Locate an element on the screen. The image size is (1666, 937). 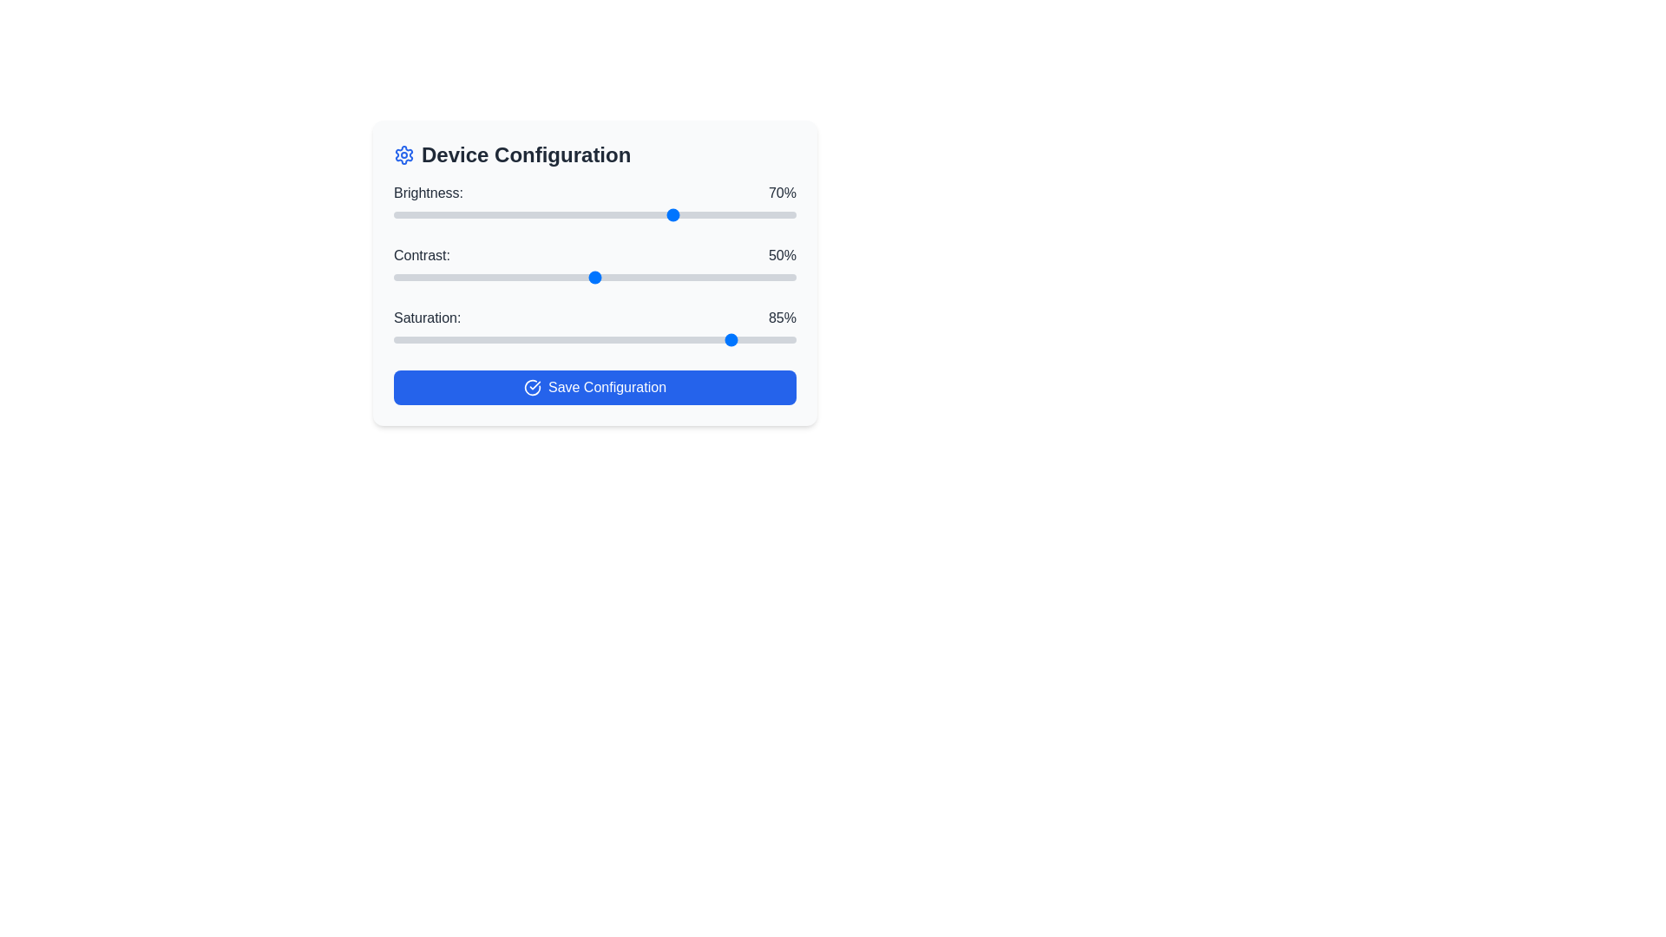
the contrast is located at coordinates (728, 277).